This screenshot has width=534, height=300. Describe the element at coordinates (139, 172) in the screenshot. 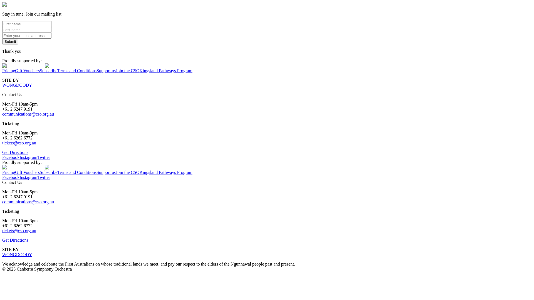

I see `'Kingsland Pathways Program'` at that location.